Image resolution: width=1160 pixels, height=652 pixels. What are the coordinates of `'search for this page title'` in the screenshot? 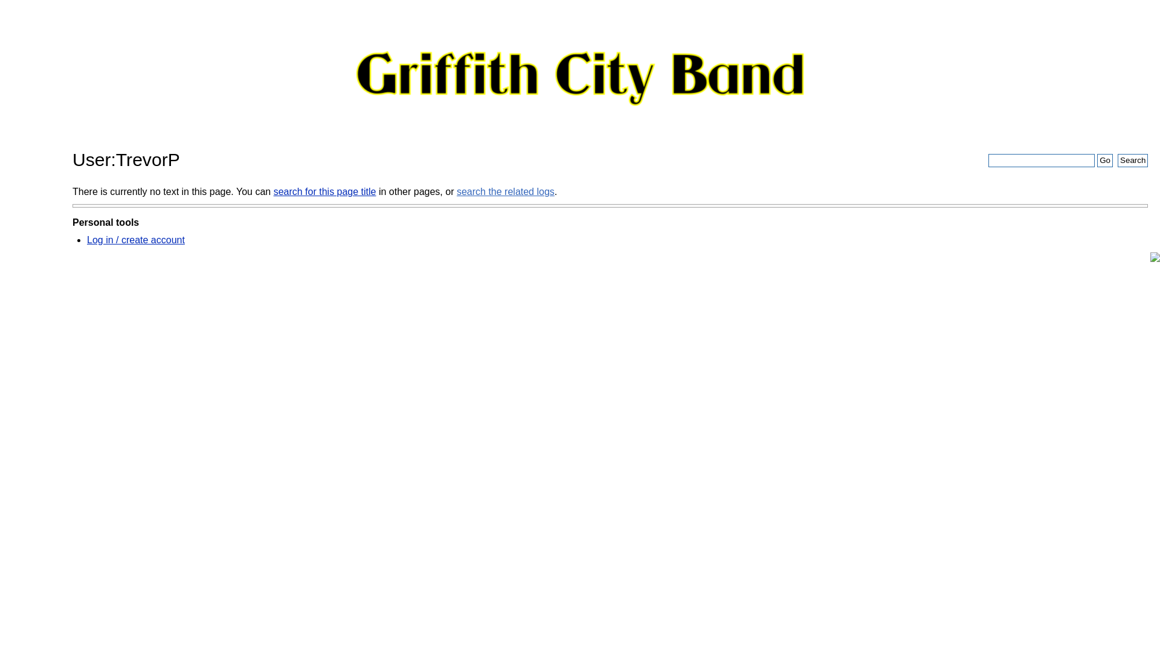 It's located at (324, 191).